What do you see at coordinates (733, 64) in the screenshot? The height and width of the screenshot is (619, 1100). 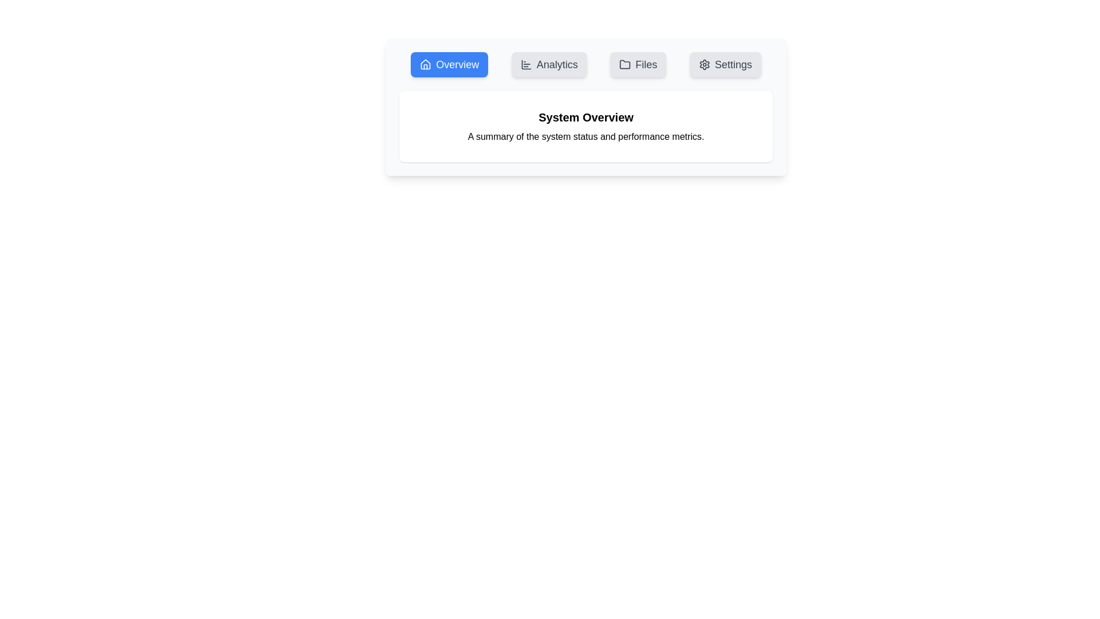 I see `the 'Settings' label located on the right side of the horizontal menu bar` at bounding box center [733, 64].